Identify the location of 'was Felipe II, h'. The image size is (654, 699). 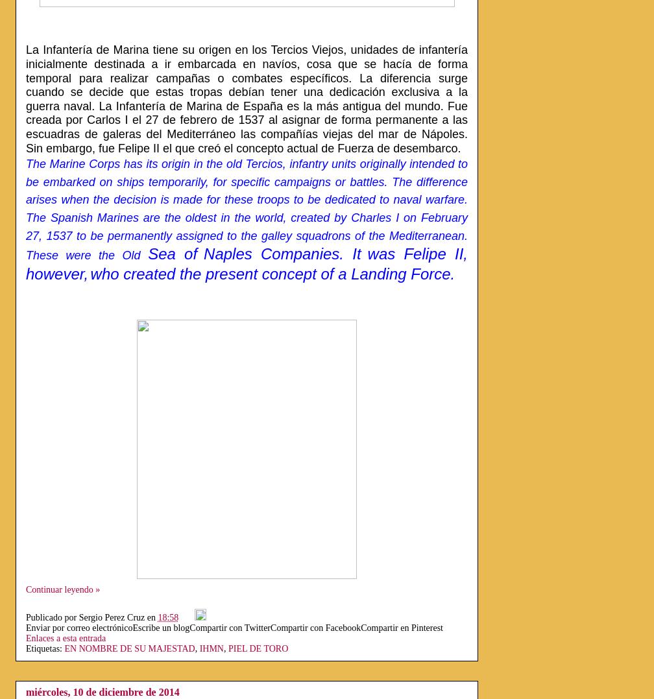
(26, 263).